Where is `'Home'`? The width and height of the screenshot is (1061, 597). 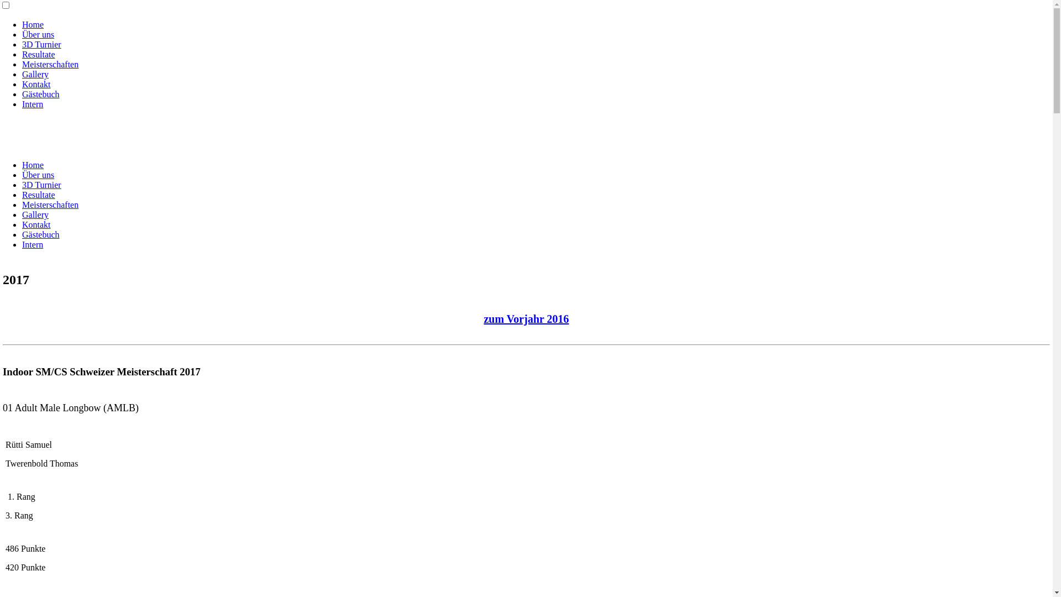
'Home' is located at coordinates (33, 165).